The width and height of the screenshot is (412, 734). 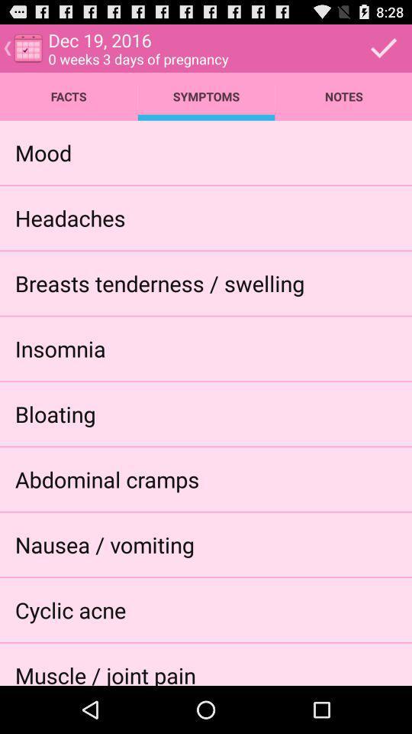 I want to click on option next to facts, so click(x=206, y=96).